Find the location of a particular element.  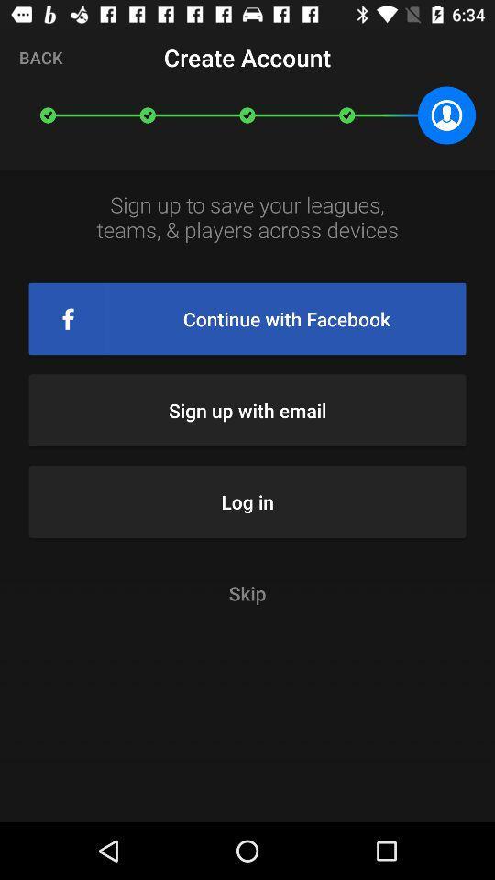

the icon to the left of the create account item is located at coordinates (40, 57).